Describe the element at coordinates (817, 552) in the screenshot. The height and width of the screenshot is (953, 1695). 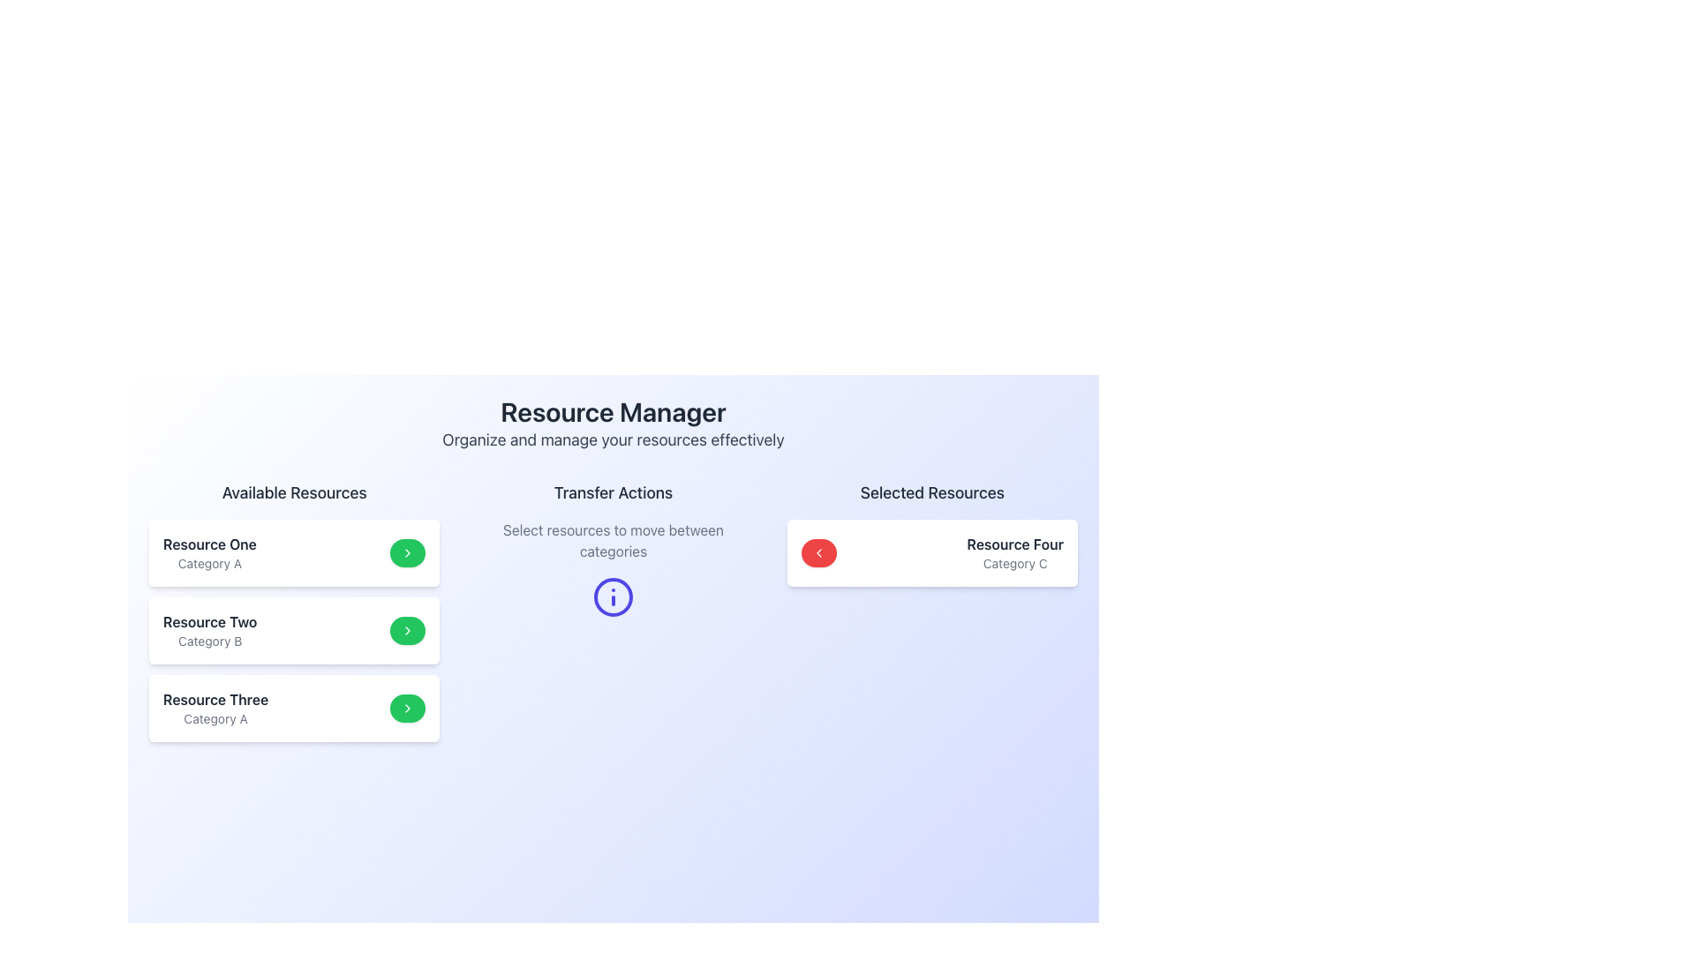
I see `the circular red button with a white left-pointing chevron icon located in the top-left corner of the 'Resource Four' card under 'Selected Resources' to trigger the hover effect` at that location.